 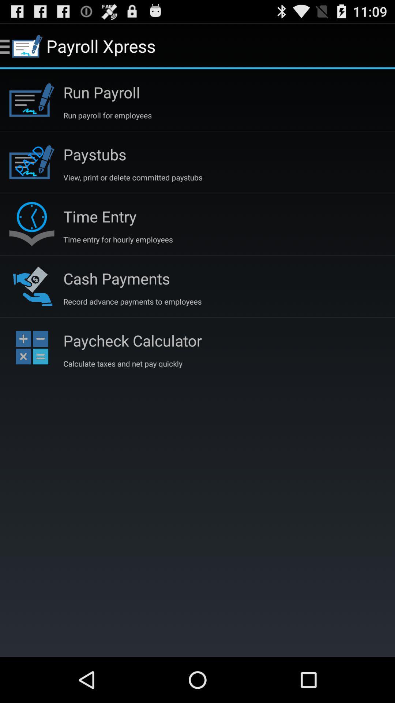 What do you see at coordinates (132, 340) in the screenshot?
I see `icon above the calculate taxes and item` at bounding box center [132, 340].